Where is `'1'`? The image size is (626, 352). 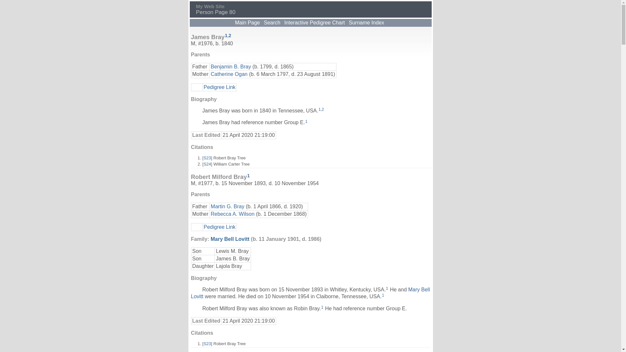
'1' is located at coordinates (305, 122).